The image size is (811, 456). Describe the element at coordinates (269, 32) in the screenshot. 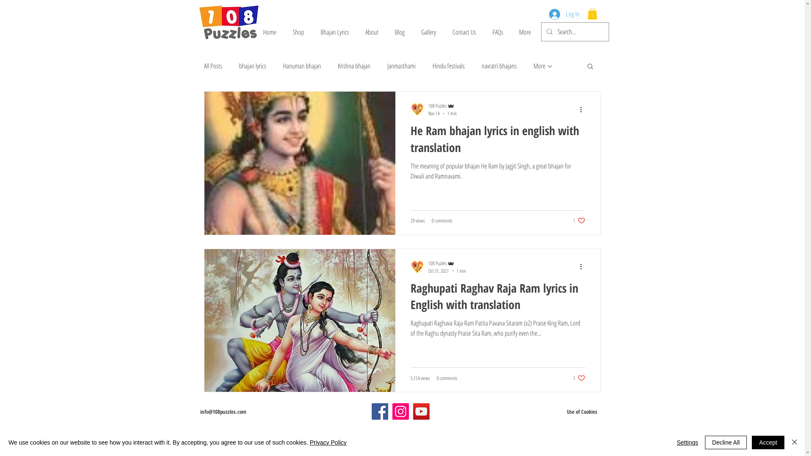

I see `'Home'` at that location.